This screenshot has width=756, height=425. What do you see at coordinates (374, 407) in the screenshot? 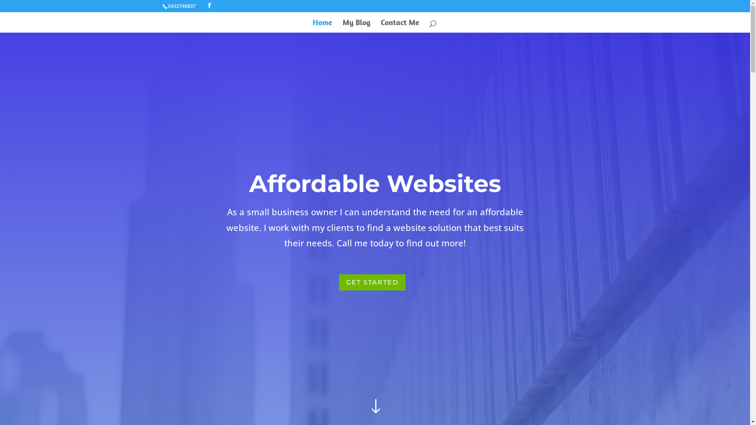
I see `'"'` at bounding box center [374, 407].